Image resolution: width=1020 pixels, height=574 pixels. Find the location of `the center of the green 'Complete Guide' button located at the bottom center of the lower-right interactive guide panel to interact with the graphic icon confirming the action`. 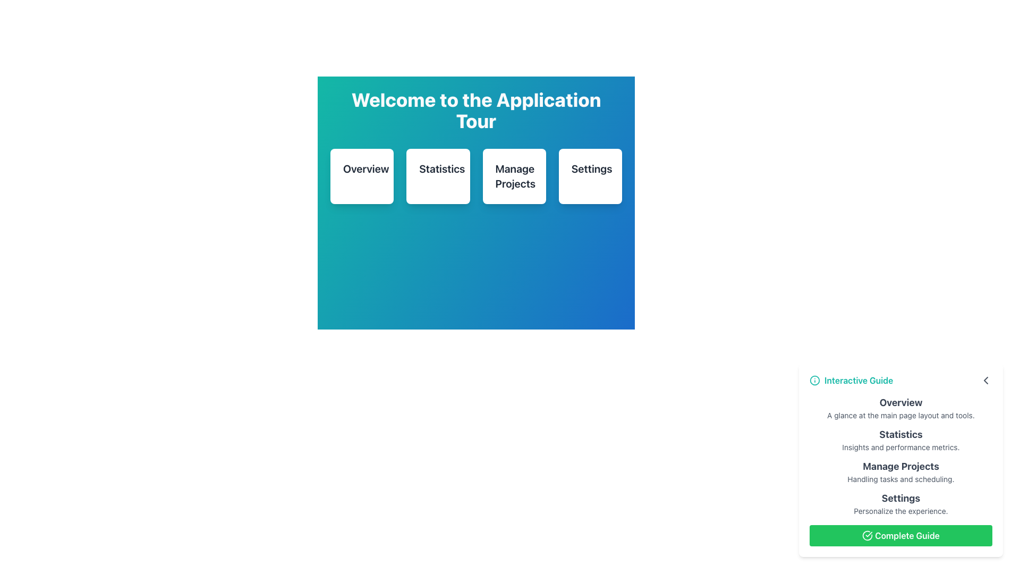

the center of the green 'Complete Guide' button located at the bottom center of the lower-right interactive guide panel to interact with the graphic icon confirming the action is located at coordinates (867, 535).